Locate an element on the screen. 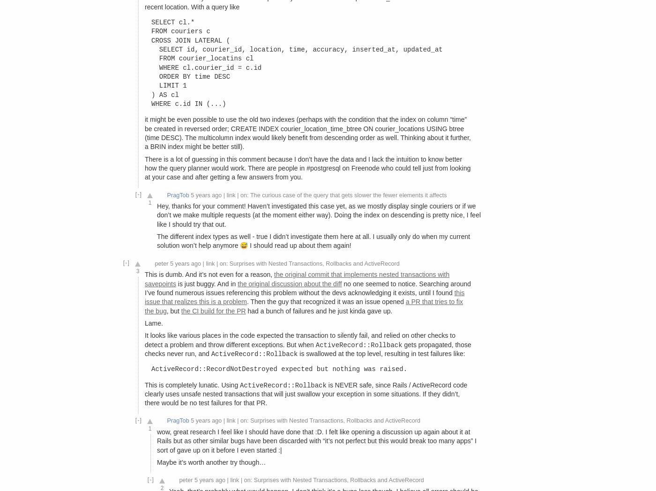  'wow, great research I feel like I should have done that :D. I felt like opening a discussion up again about it at Rails but as other similar bugs have been discarded with “it’s not perfect but this would break too many apps” I sort of gave up on it before I even started :|' is located at coordinates (317, 440).